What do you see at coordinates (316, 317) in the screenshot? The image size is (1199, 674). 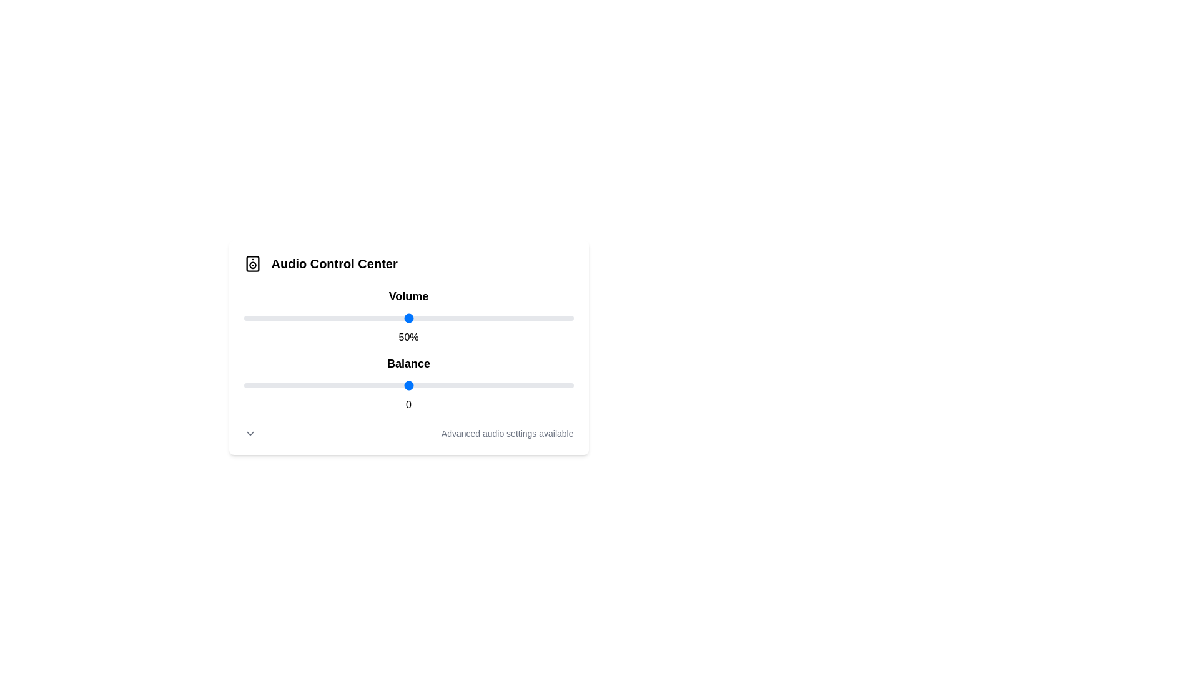 I see `the volume slider to 22%` at bounding box center [316, 317].